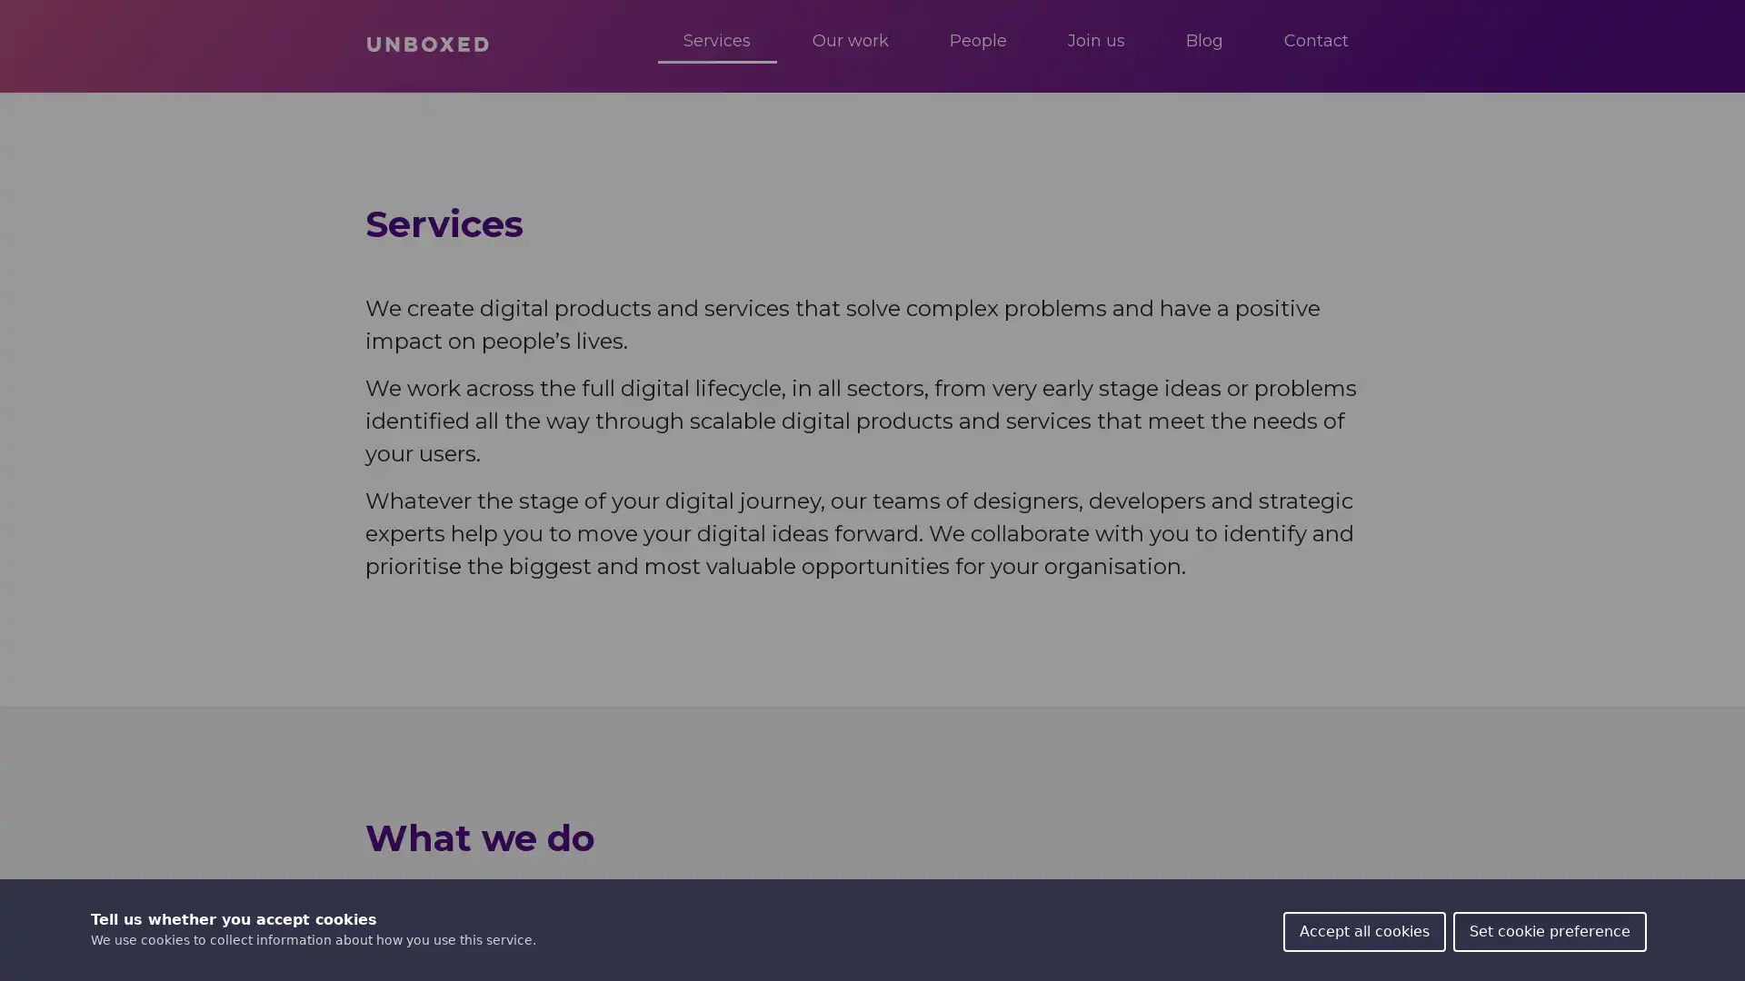  I want to click on Accept all cookies, so click(1364, 932).